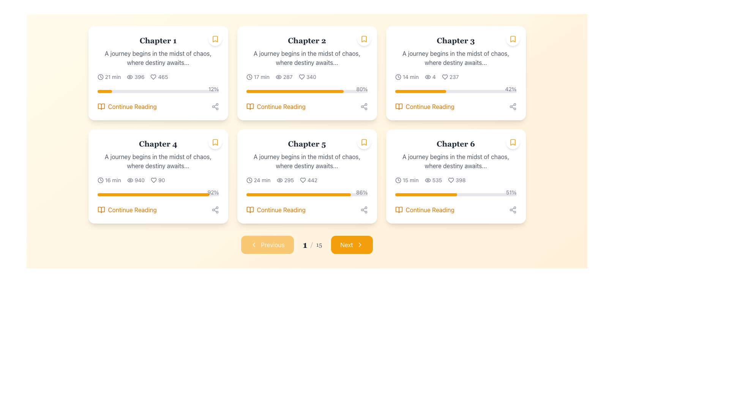  I want to click on the circular UI component that is part of the clock icon located near the top-left corner of the first chapter item in the grid, so click(100, 77).